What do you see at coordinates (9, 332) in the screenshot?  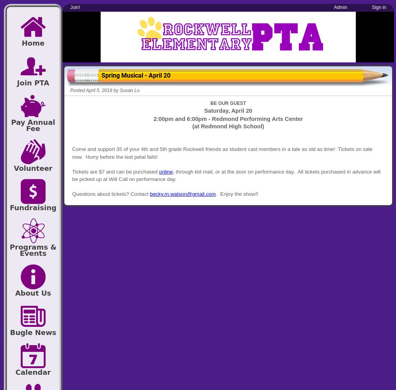 I see `'Bugle News'` at bounding box center [9, 332].